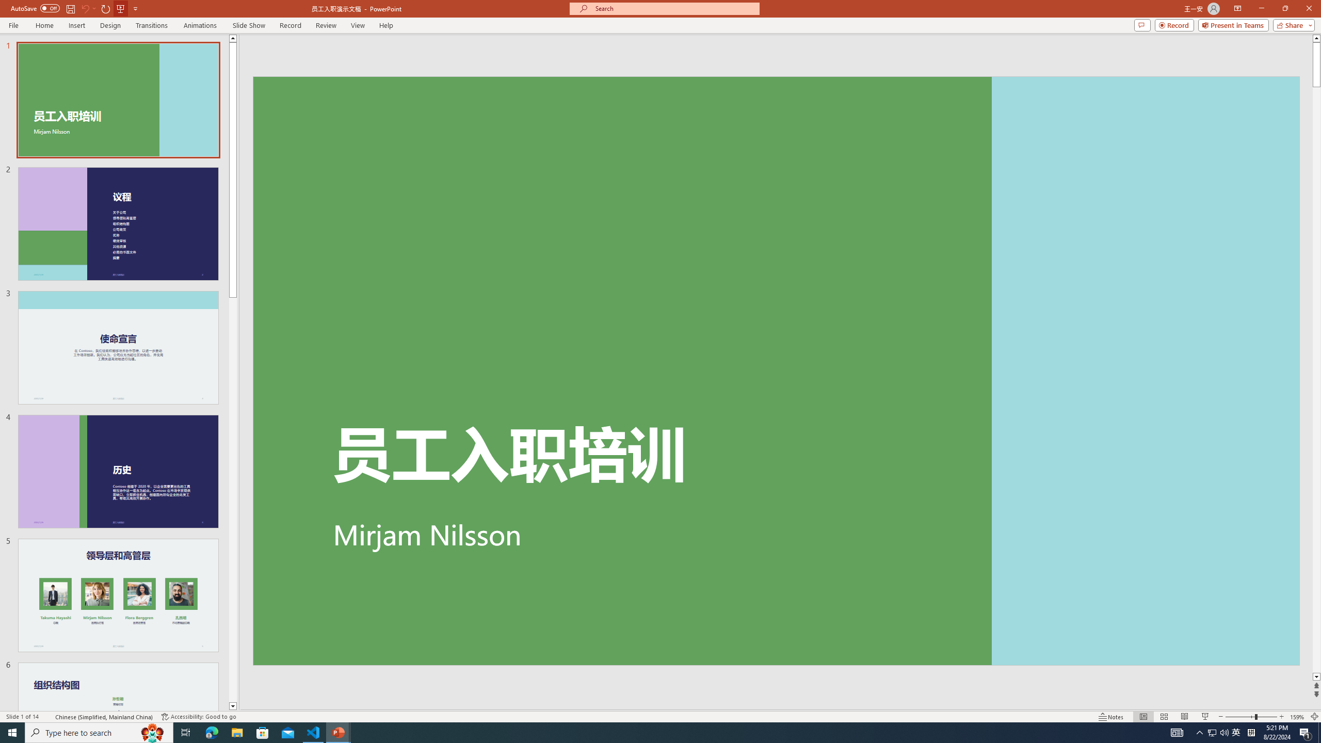 The image size is (1321, 743). Describe the element at coordinates (48, 717) in the screenshot. I see `'Spell Check '` at that location.